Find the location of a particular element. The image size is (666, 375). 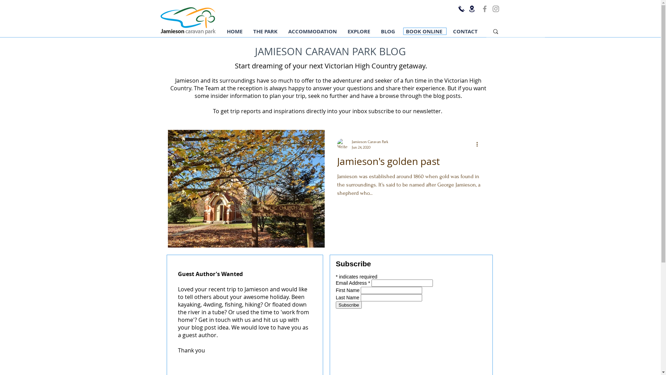

'CONTACT' is located at coordinates (465, 31).